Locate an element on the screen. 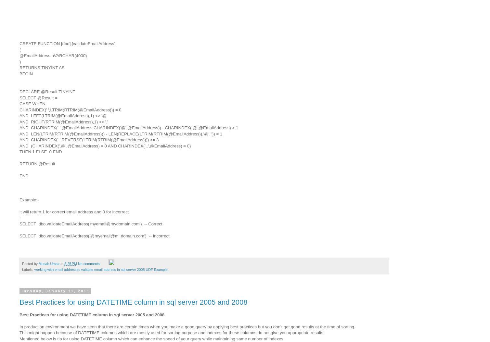 This screenshot has width=490, height=342. '5:25 PM' is located at coordinates (70, 263).